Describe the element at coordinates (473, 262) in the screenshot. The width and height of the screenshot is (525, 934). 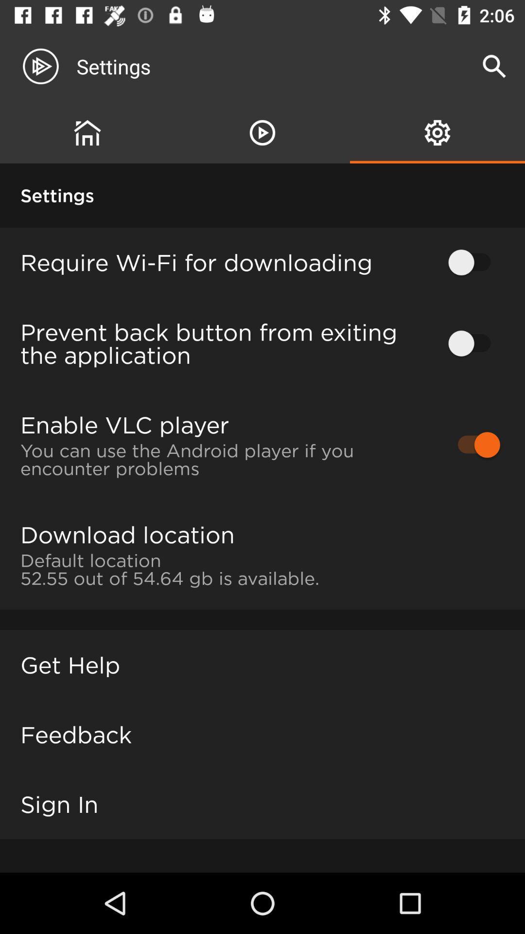
I see `the button which is beside the require wifi for downloading` at that location.